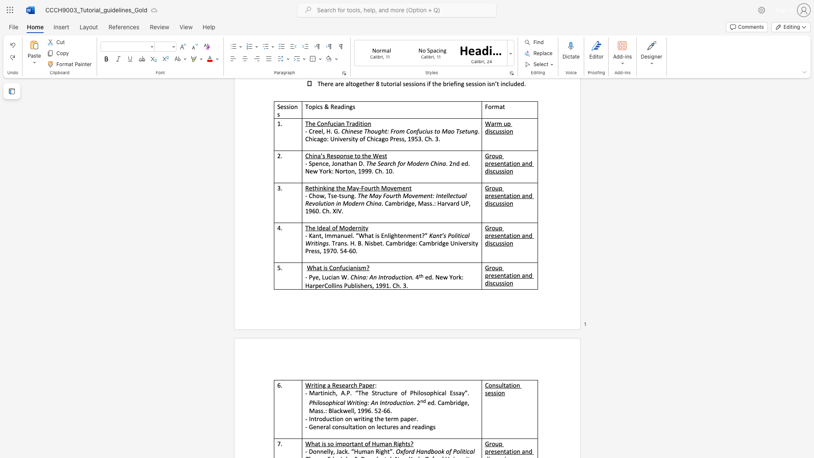 This screenshot has width=814, height=458. What do you see at coordinates (316, 268) in the screenshot?
I see `the subset text "at i" within the text "What is Confucianism?"` at bounding box center [316, 268].